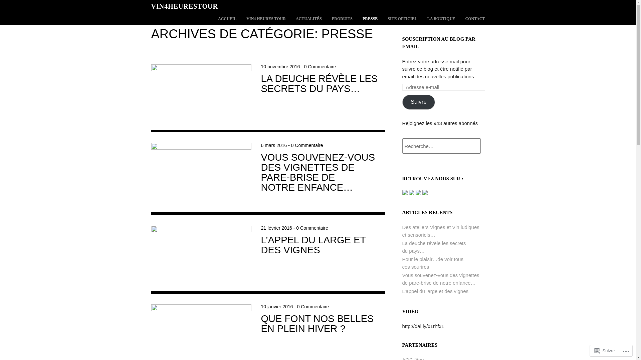 Image resolution: width=641 pixels, height=360 pixels. Describe the element at coordinates (412, 193) in the screenshot. I see `'Se connecter sur Twitter de vin4 heures tour'` at that location.